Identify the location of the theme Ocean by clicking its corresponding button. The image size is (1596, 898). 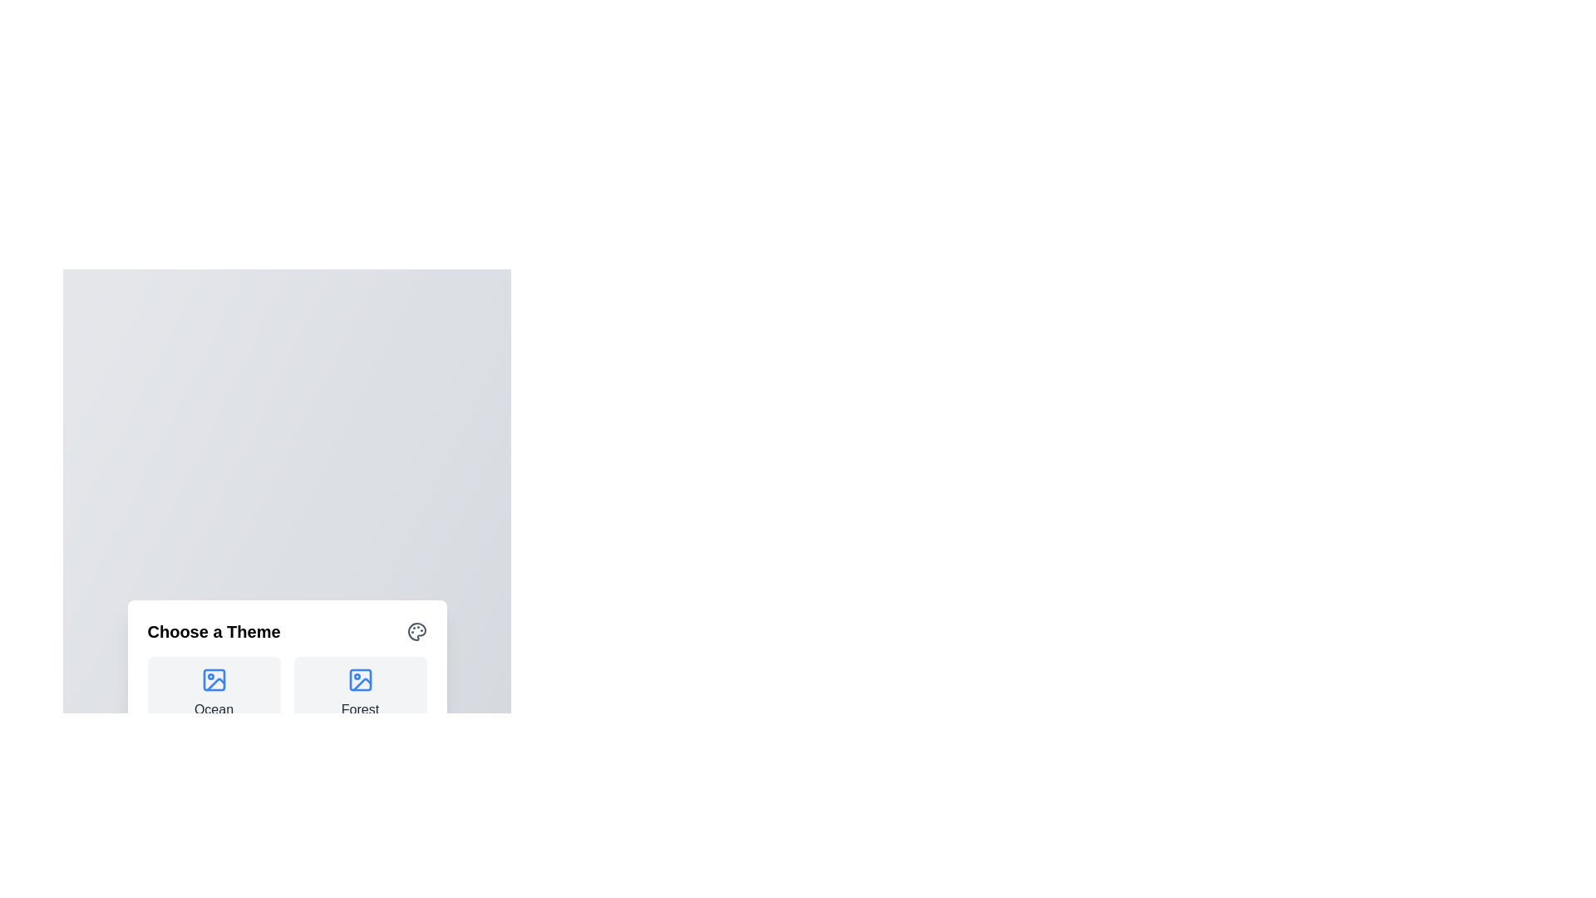
(213, 693).